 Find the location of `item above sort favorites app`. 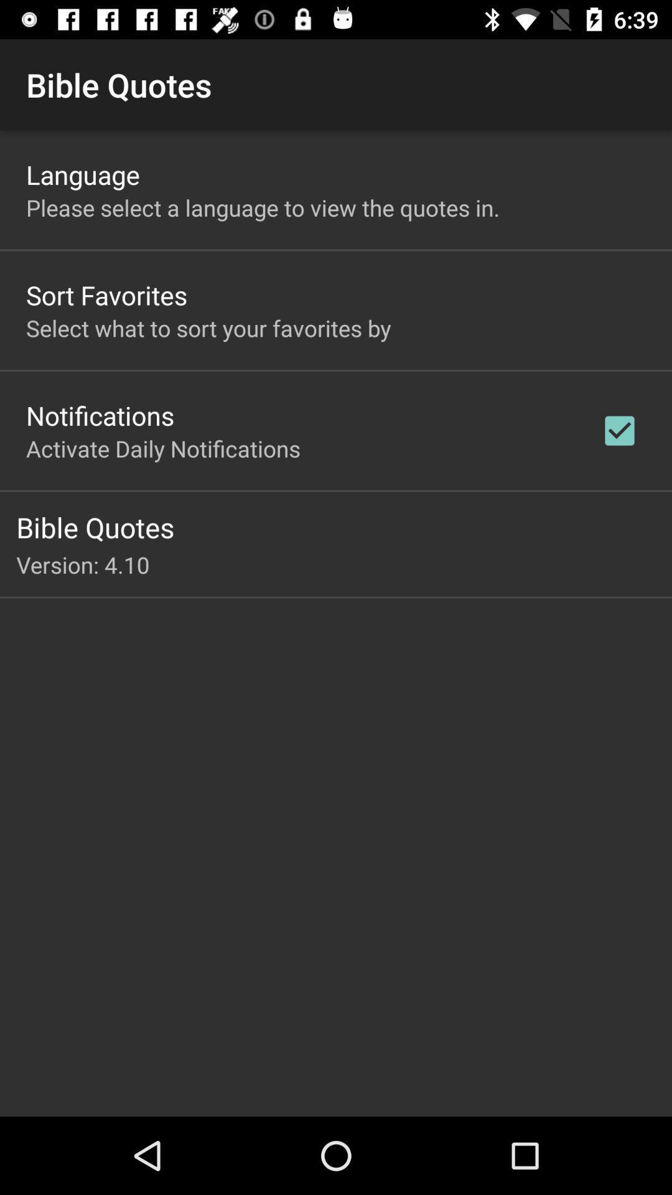

item above sort favorites app is located at coordinates (262, 207).